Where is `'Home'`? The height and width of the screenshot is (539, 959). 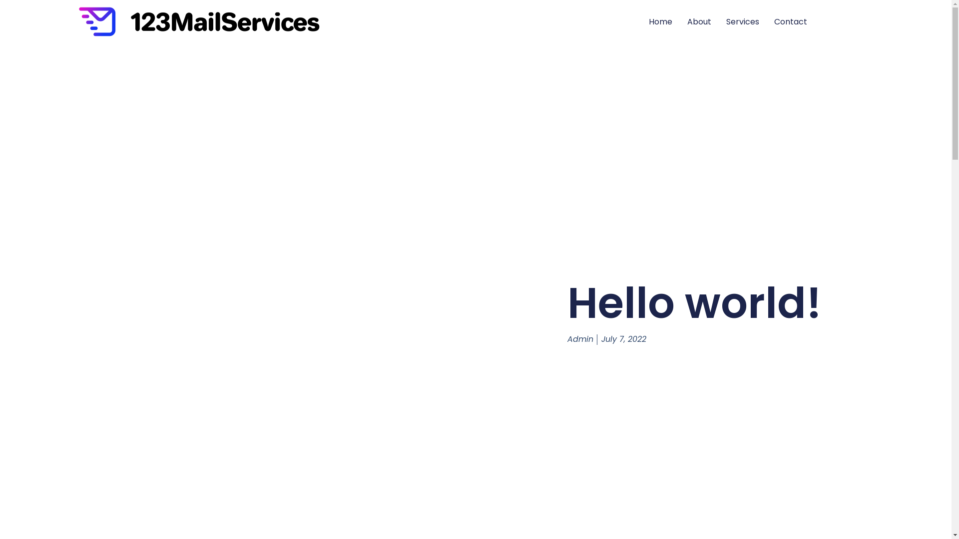 'Home' is located at coordinates (660, 21).